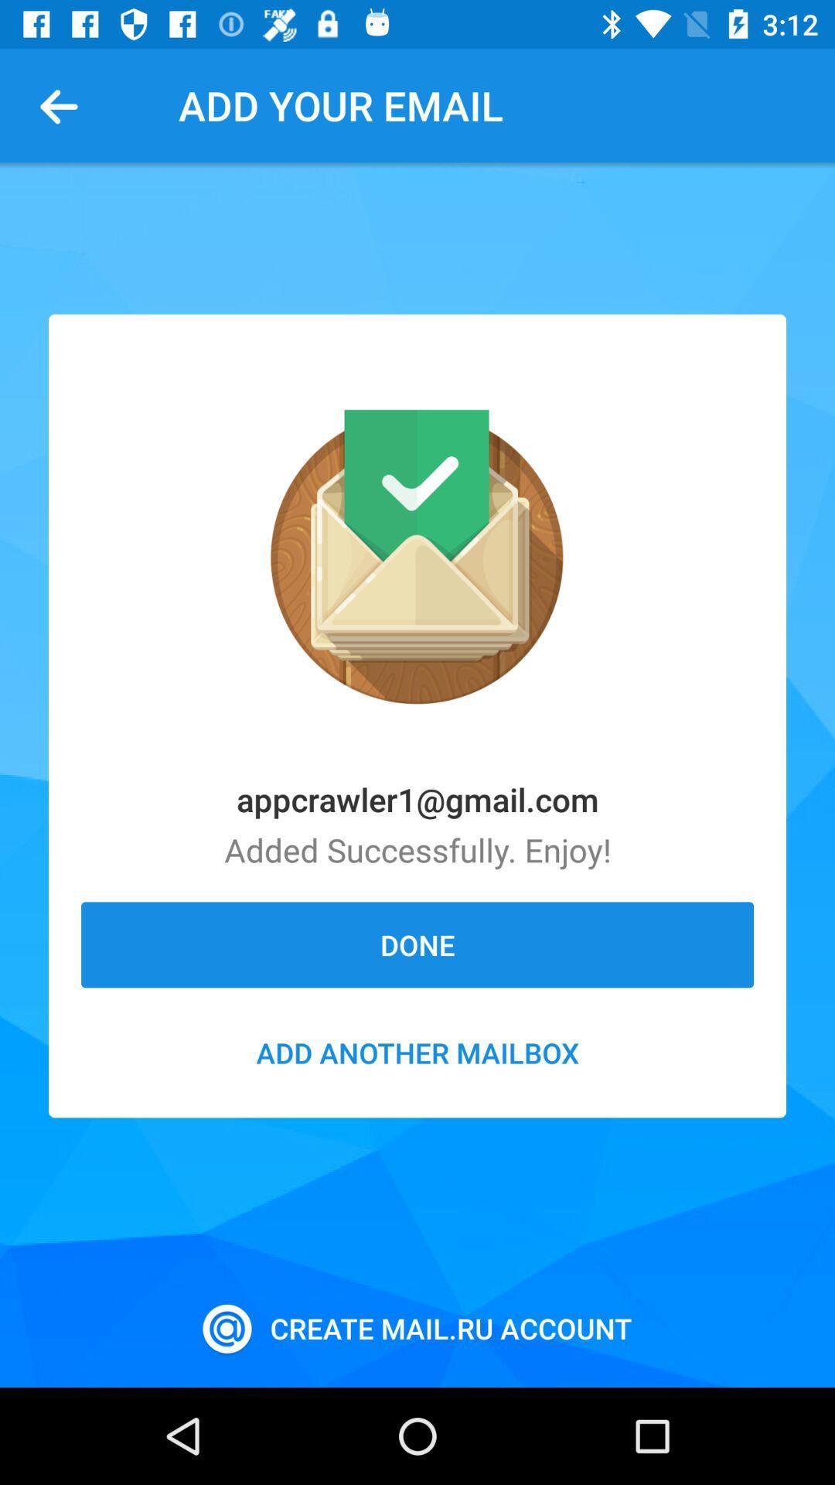 This screenshot has width=835, height=1485. What do you see at coordinates (417, 1052) in the screenshot?
I see `the add another mailbox` at bounding box center [417, 1052].